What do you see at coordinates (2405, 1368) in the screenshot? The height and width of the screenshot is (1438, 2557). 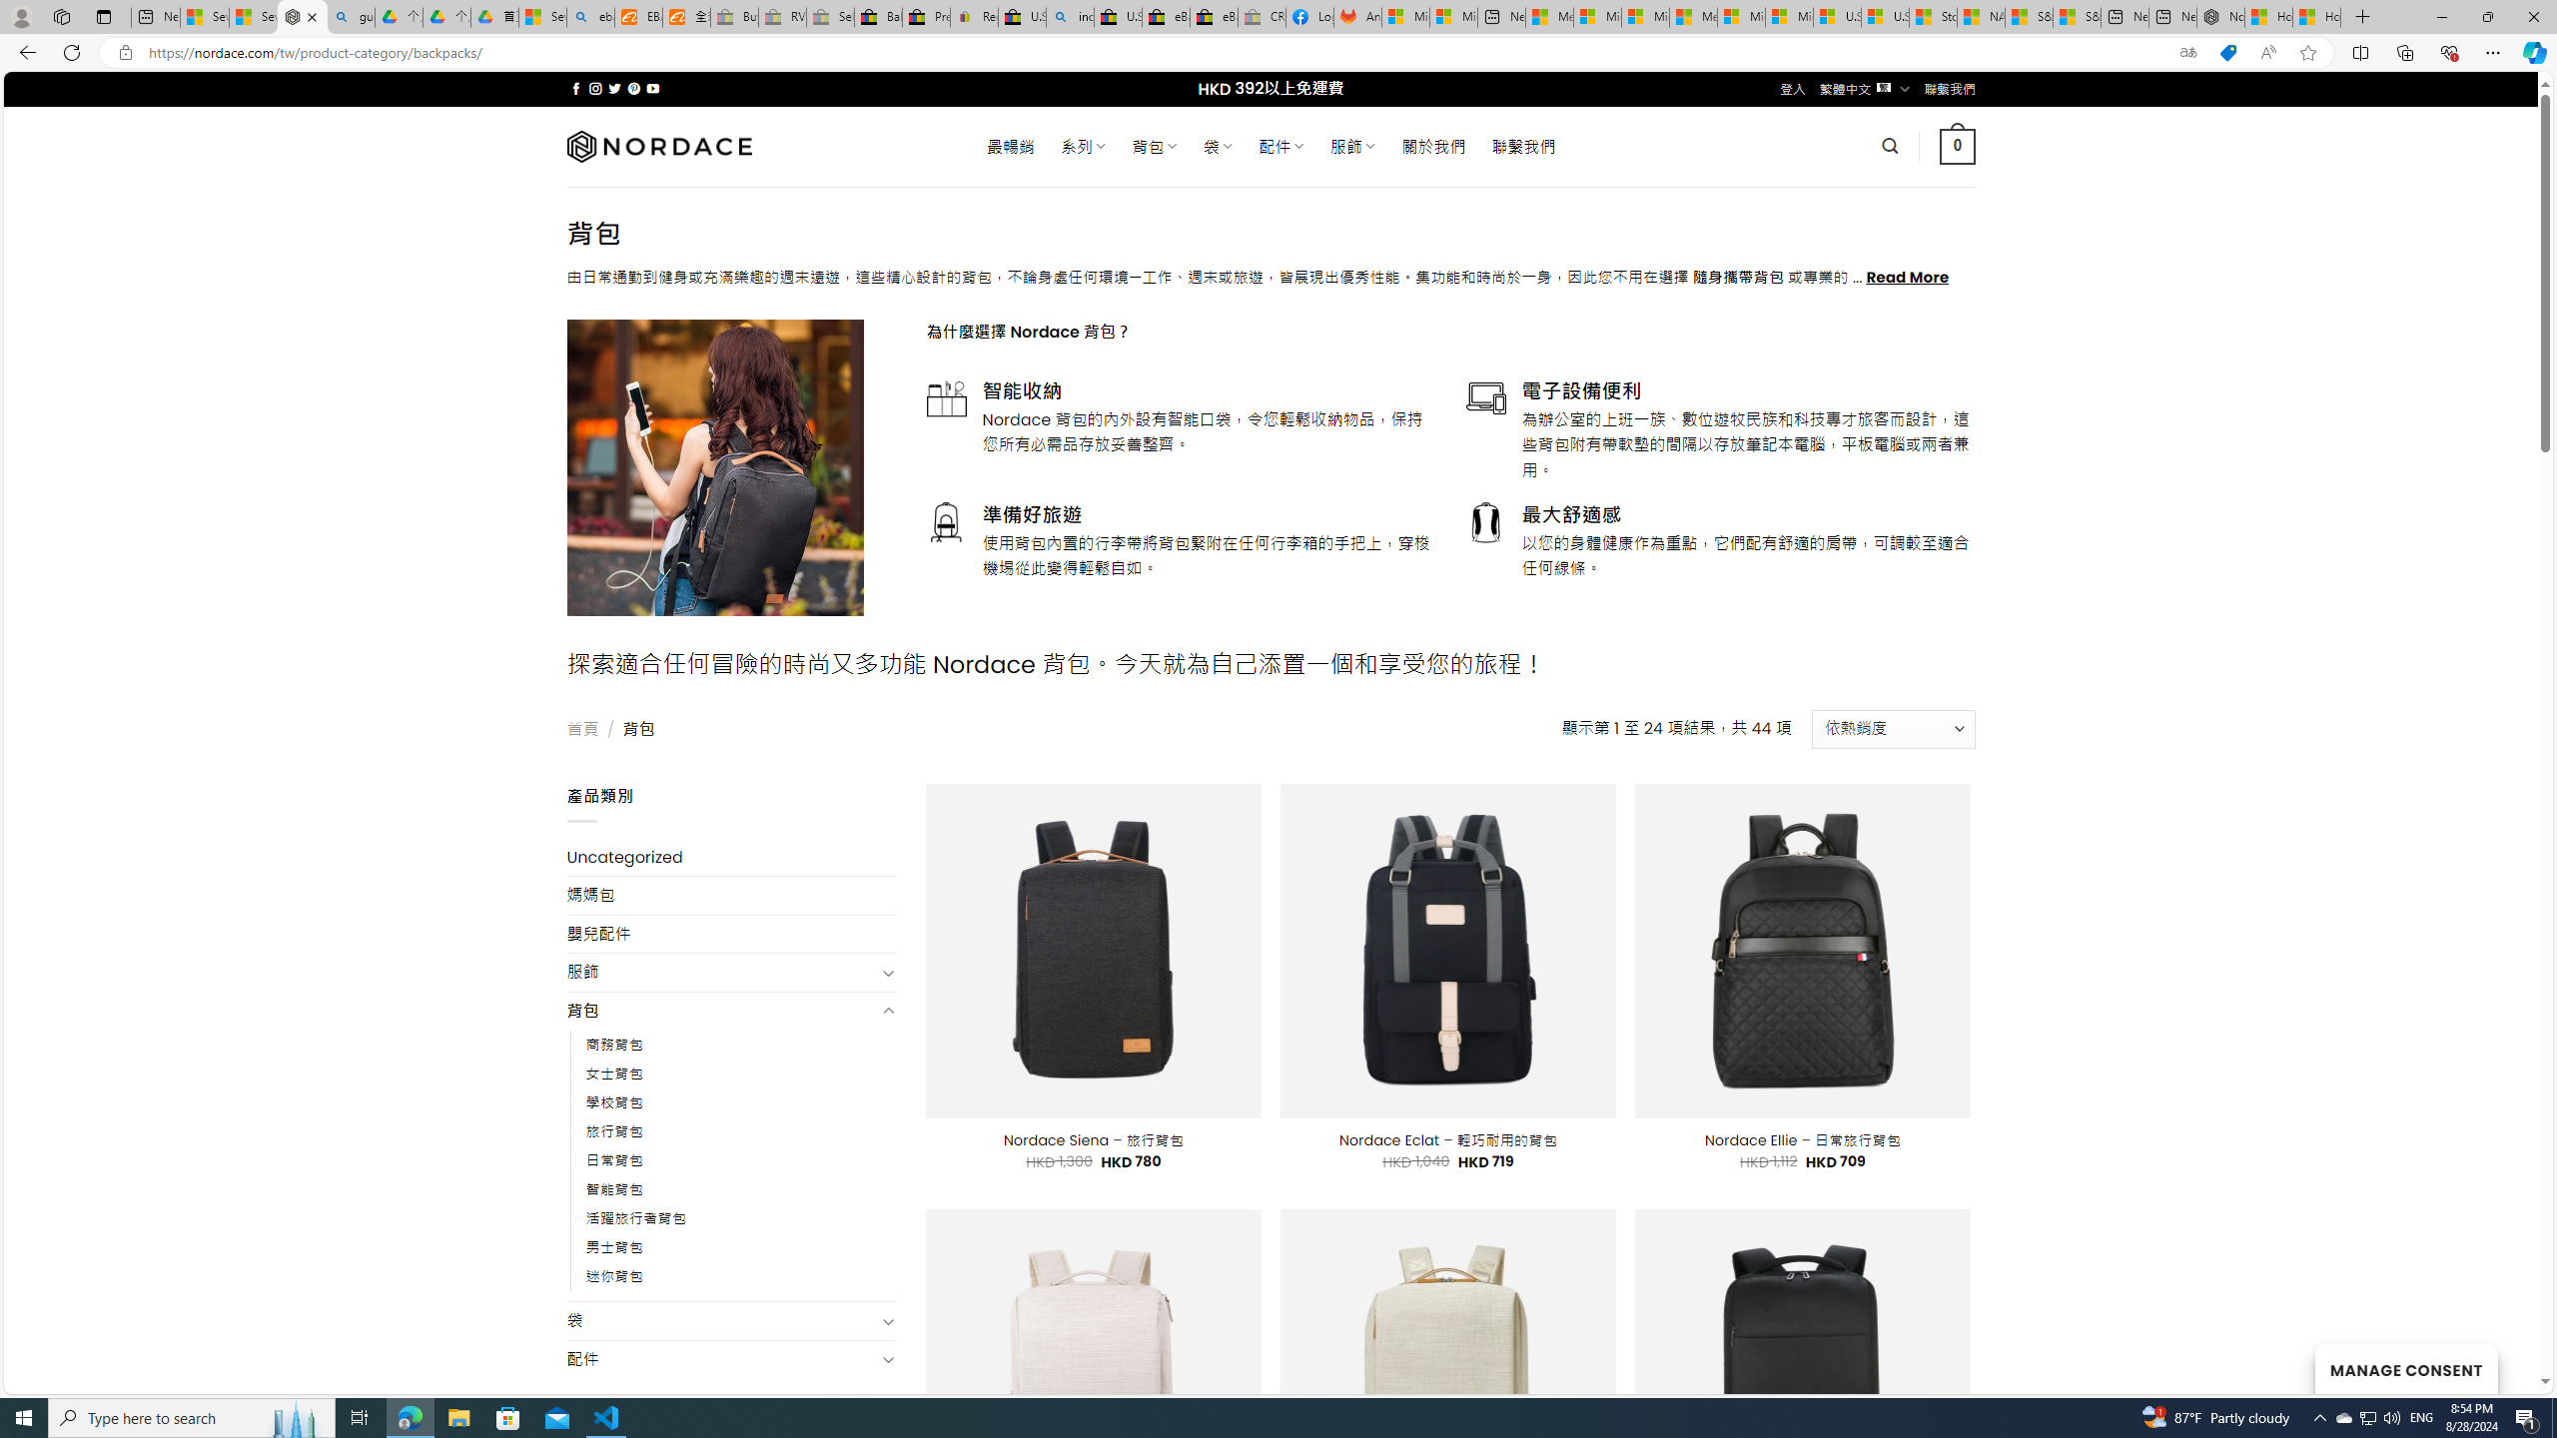 I see `'MANAGE CONSENT'` at bounding box center [2405, 1368].